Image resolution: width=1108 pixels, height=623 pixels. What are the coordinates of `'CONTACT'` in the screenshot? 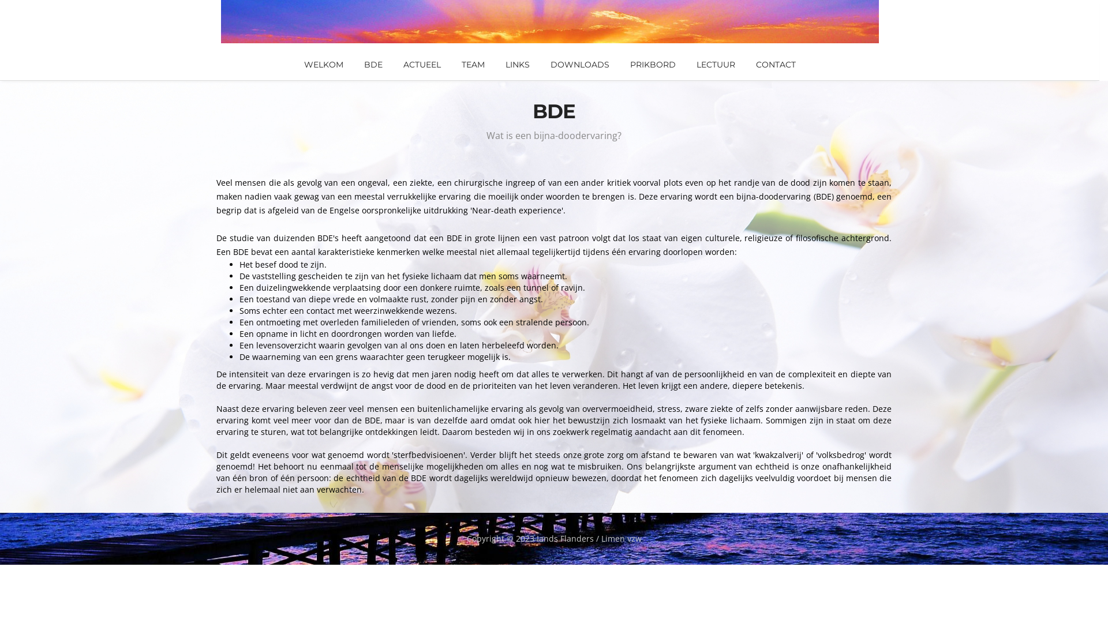 It's located at (776, 64).